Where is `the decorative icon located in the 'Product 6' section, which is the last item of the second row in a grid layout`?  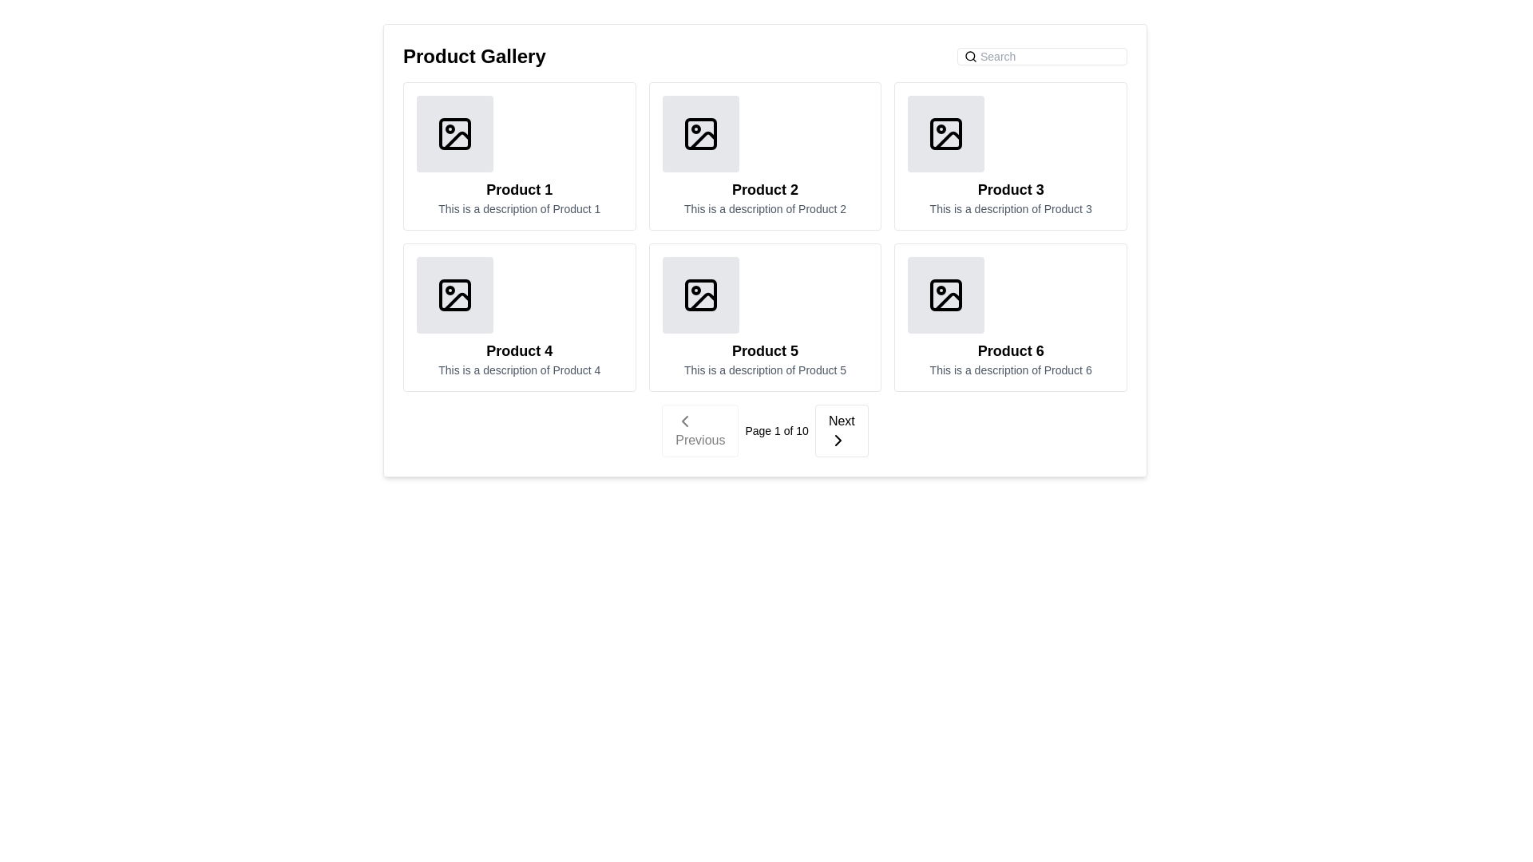
the decorative icon located in the 'Product 6' section, which is the last item of the second row in a grid layout is located at coordinates (946, 295).